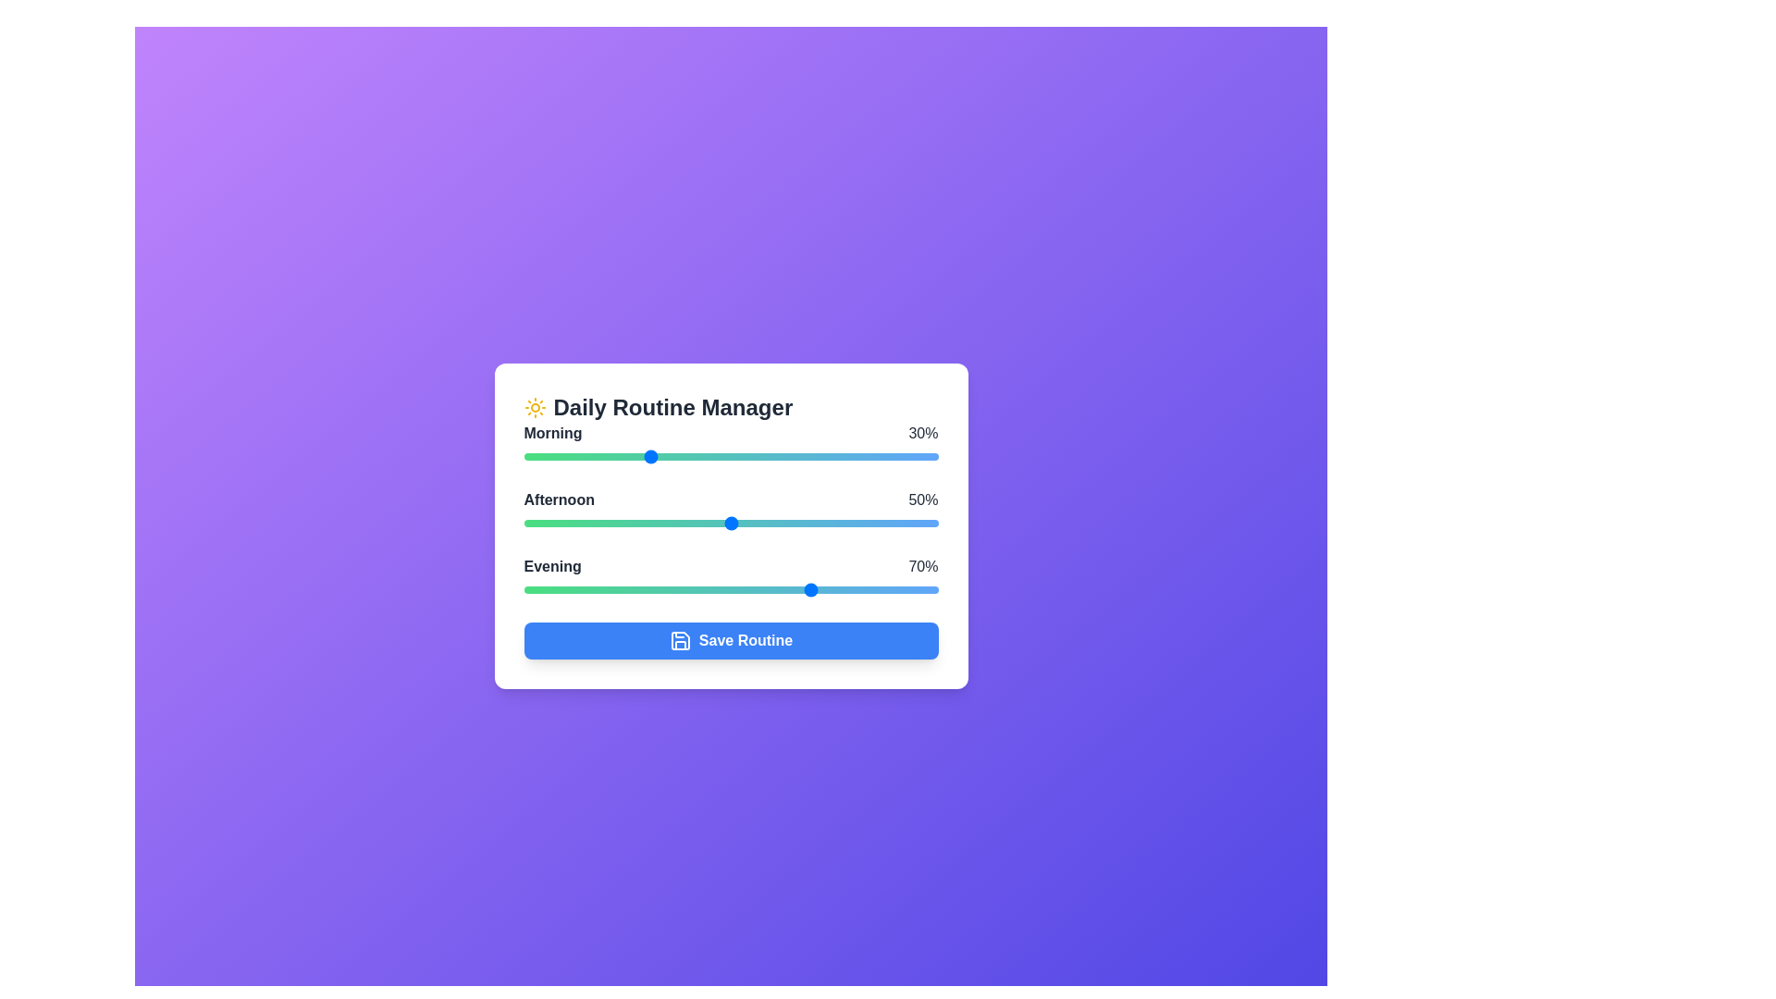 This screenshot has height=999, width=1776. What do you see at coordinates (718, 456) in the screenshot?
I see `the Morning task slider to 47%` at bounding box center [718, 456].